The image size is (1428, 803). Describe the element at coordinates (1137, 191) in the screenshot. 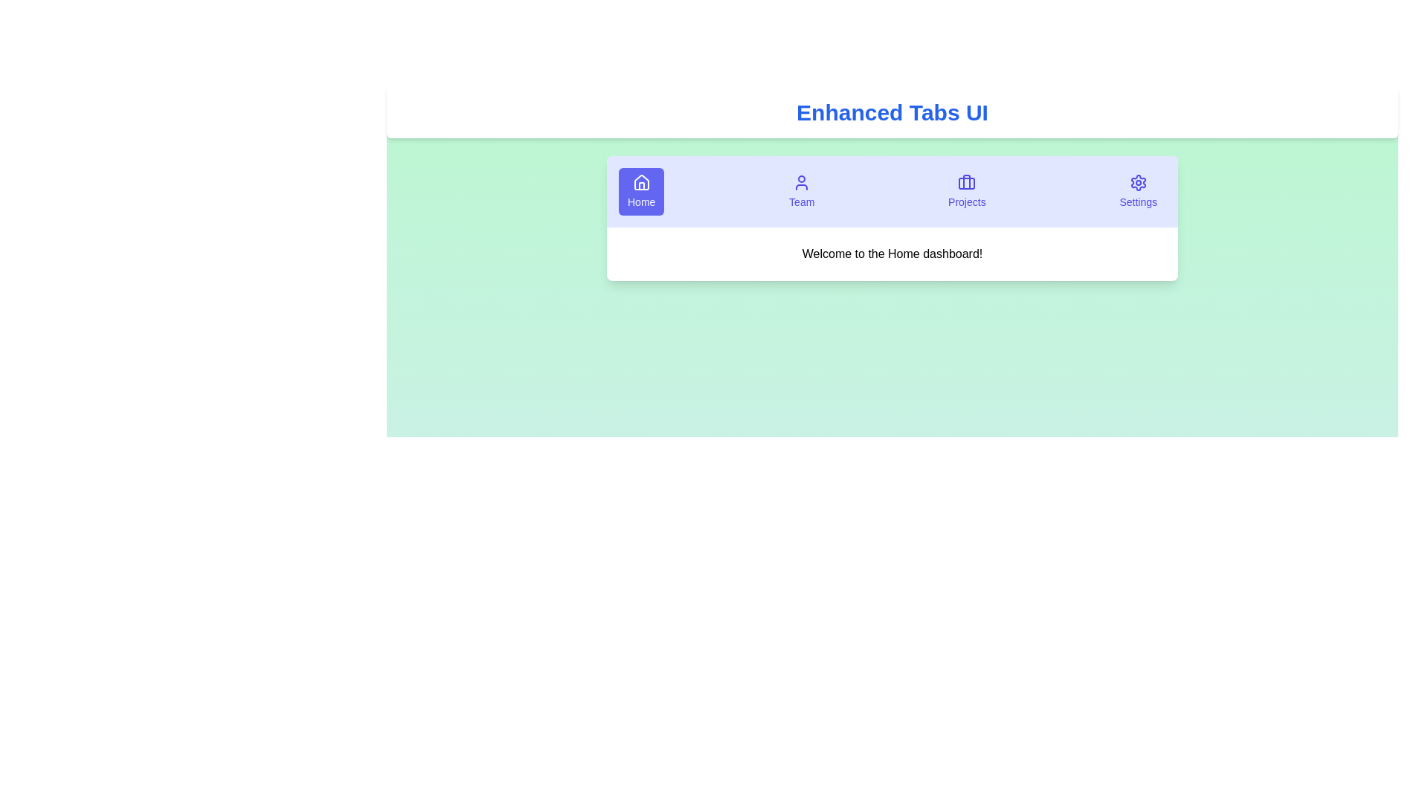

I see `the 'Settings' button which features a purple gear icon and text` at that location.